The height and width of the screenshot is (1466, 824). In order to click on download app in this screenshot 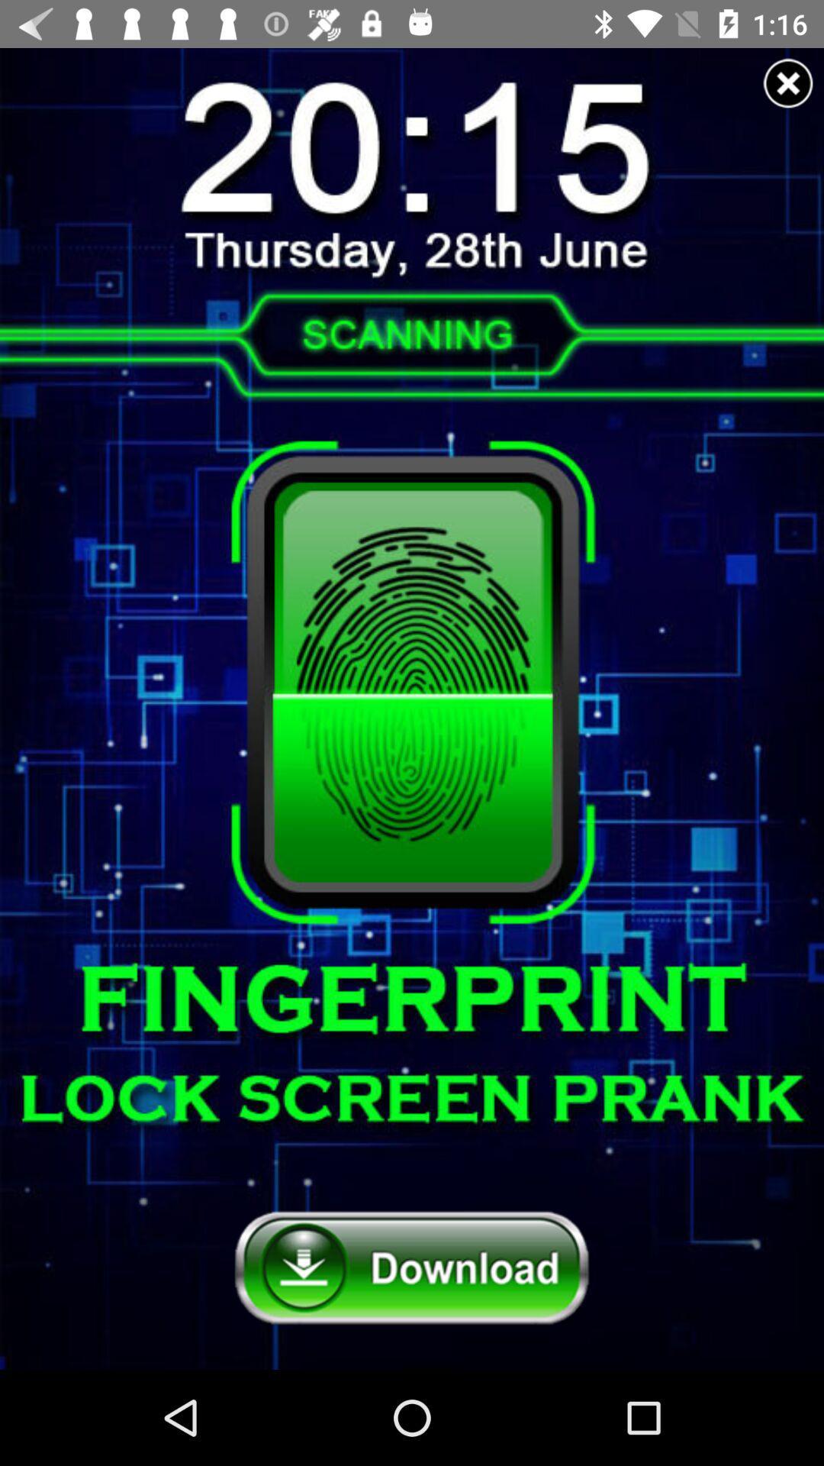, I will do `click(412, 1268)`.